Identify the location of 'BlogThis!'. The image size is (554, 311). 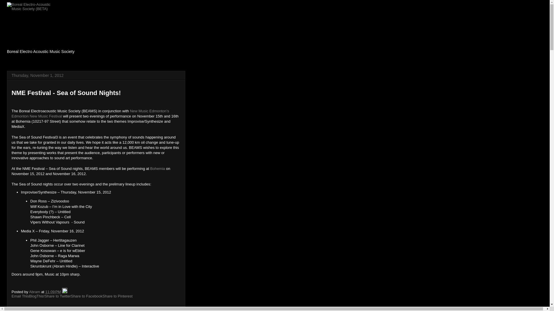
(36, 296).